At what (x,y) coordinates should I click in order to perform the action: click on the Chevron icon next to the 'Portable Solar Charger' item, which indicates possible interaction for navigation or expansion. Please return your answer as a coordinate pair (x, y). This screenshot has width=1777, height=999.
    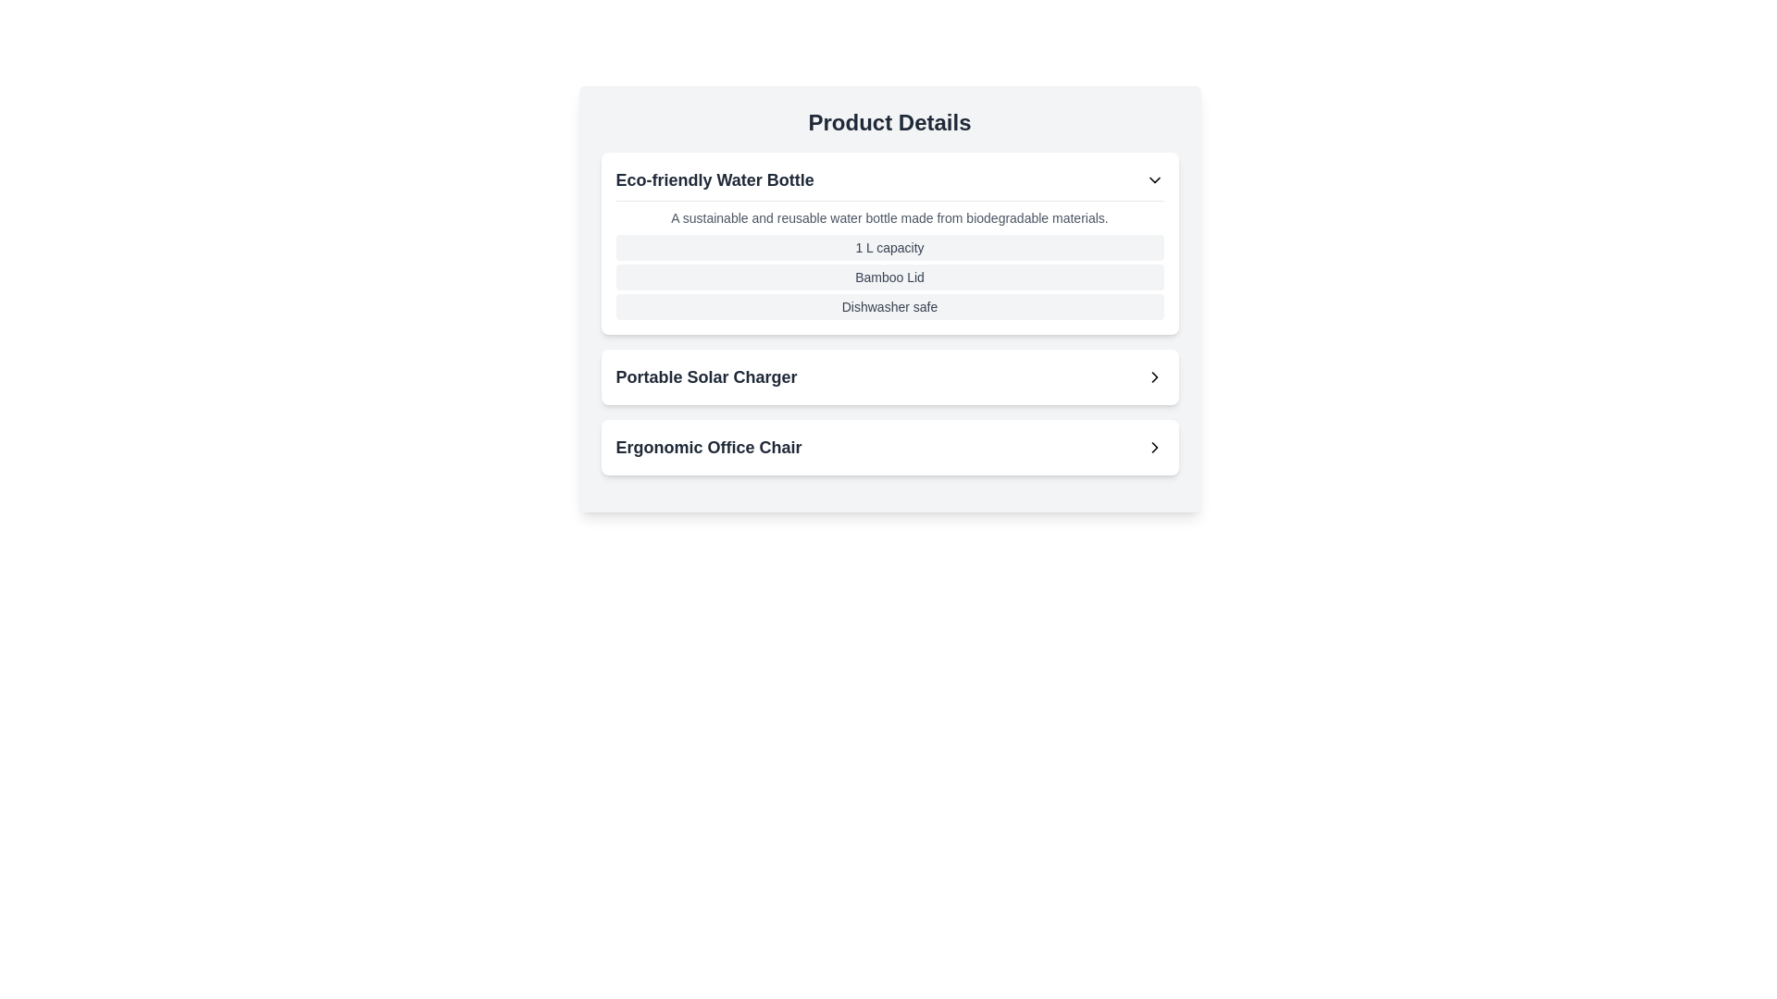
    Looking at the image, I should click on (1153, 376).